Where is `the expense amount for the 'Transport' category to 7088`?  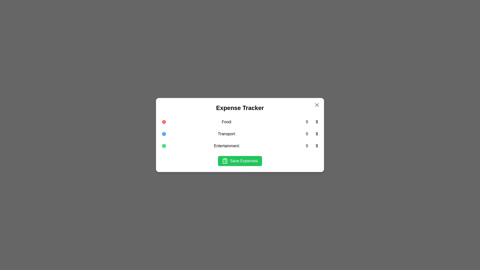 the expense amount for the 'Transport' category to 7088 is located at coordinates (300, 134).